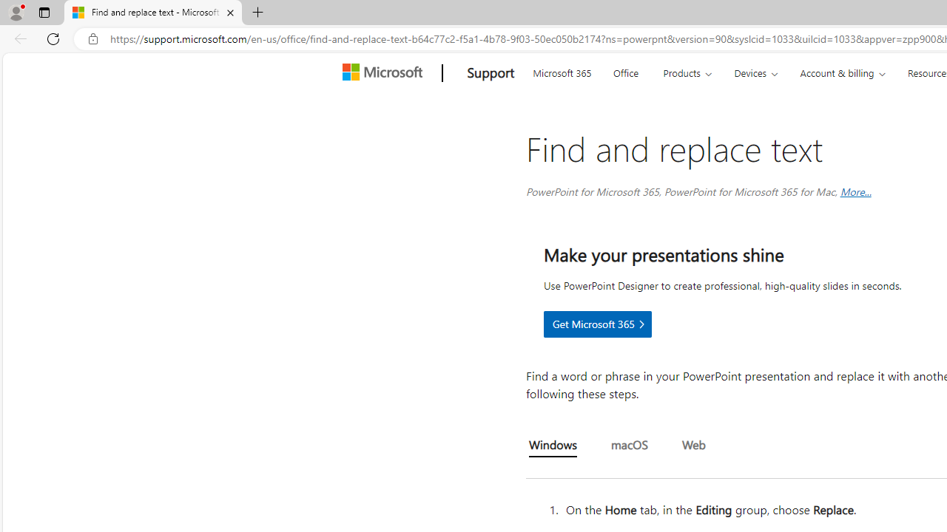 The height and width of the screenshot is (532, 947). Describe the element at coordinates (44, 12) in the screenshot. I see `'Tab actions menu'` at that location.